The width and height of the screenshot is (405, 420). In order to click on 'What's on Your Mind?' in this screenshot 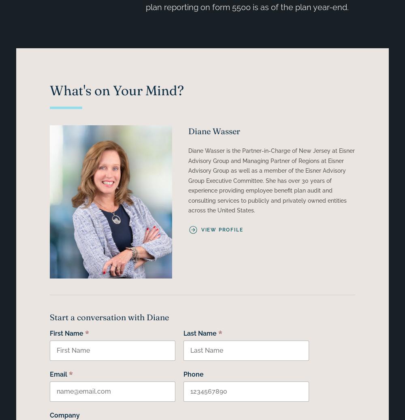, I will do `click(116, 90)`.